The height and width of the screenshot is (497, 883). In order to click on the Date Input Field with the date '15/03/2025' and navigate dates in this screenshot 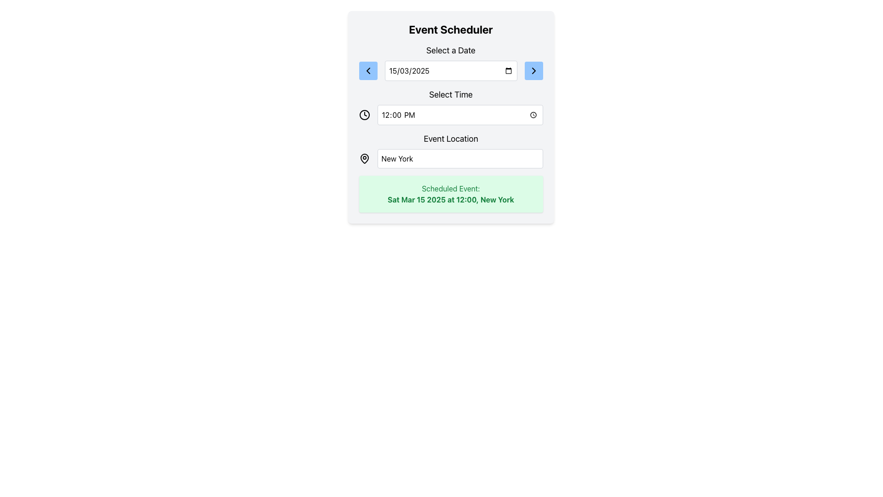, I will do `click(451, 70)`.